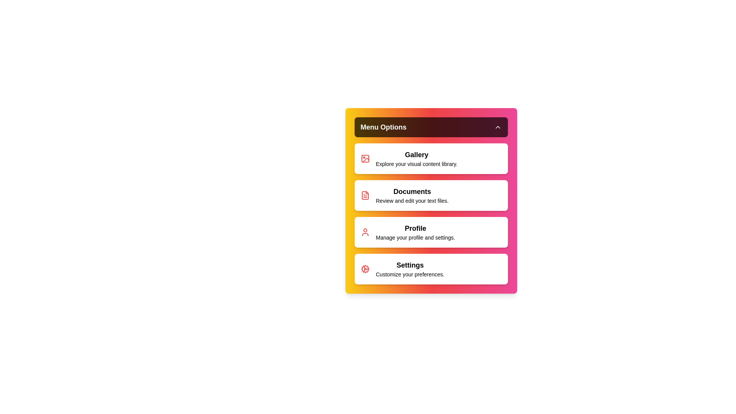  I want to click on menu button to toggle the dropdown menu visibility, so click(431, 127).